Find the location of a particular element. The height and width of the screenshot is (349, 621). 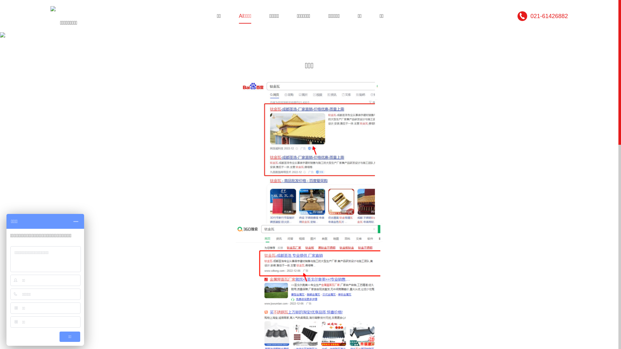

'021-61426882' is located at coordinates (543, 16).